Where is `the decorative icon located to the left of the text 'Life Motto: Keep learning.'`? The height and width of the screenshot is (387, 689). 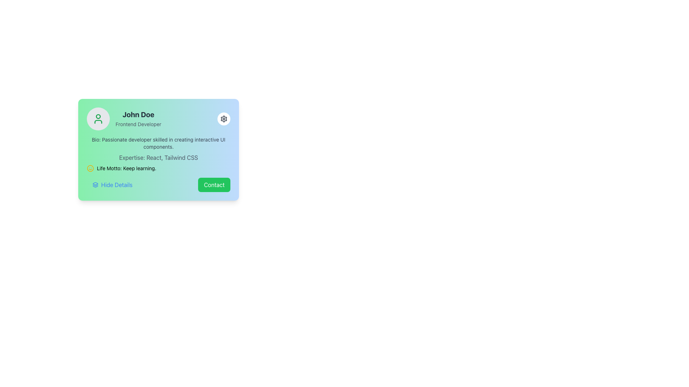 the decorative icon located to the left of the text 'Life Motto: Keep learning.' is located at coordinates (90, 168).